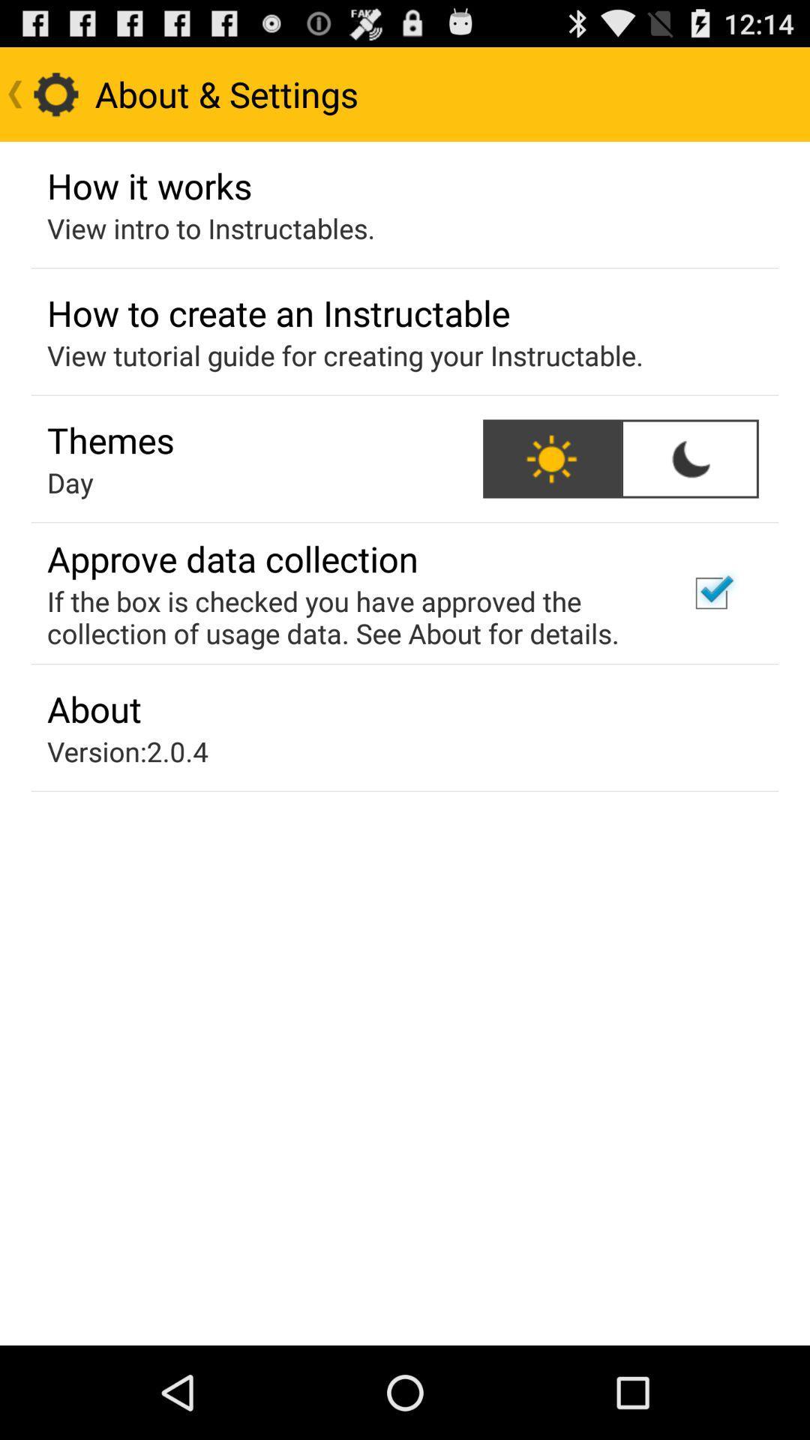 The width and height of the screenshot is (810, 1440). What do you see at coordinates (689, 457) in the screenshot?
I see `app below view tutorial guide` at bounding box center [689, 457].